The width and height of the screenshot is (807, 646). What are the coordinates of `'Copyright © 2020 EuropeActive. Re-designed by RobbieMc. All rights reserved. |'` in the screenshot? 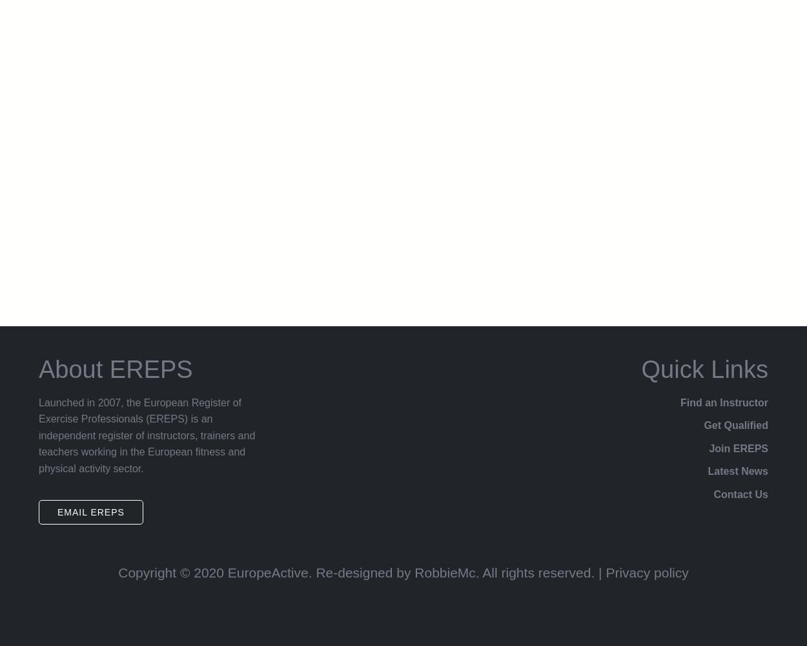 It's located at (362, 572).